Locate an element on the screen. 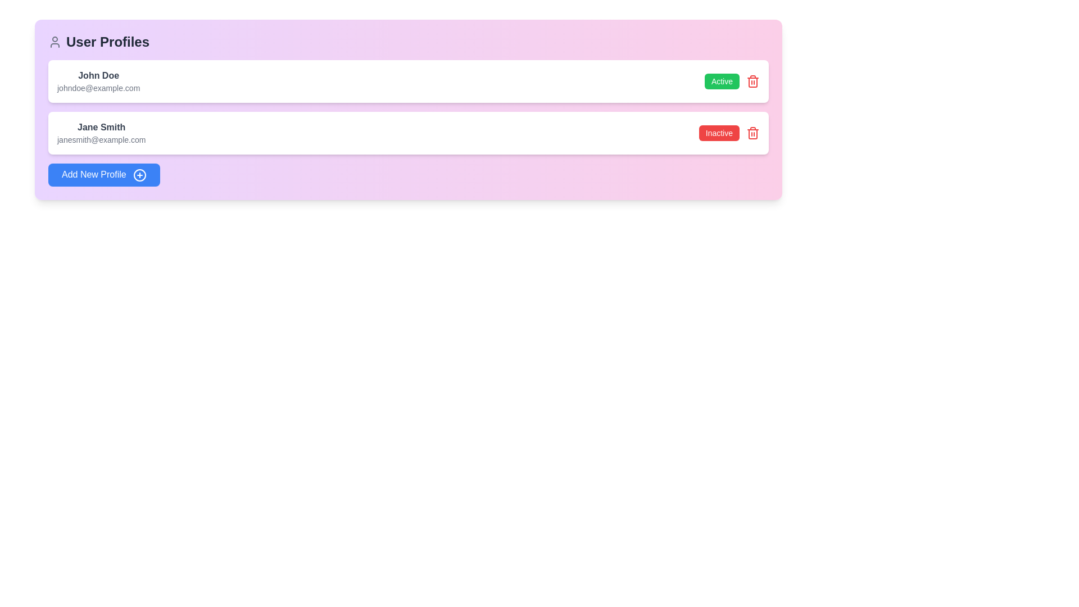 The image size is (1079, 607). the circular icon with a plus sign at its center, which is located inside the blue button labeled 'Add New Profile' on its right side is located at coordinates (139, 175).